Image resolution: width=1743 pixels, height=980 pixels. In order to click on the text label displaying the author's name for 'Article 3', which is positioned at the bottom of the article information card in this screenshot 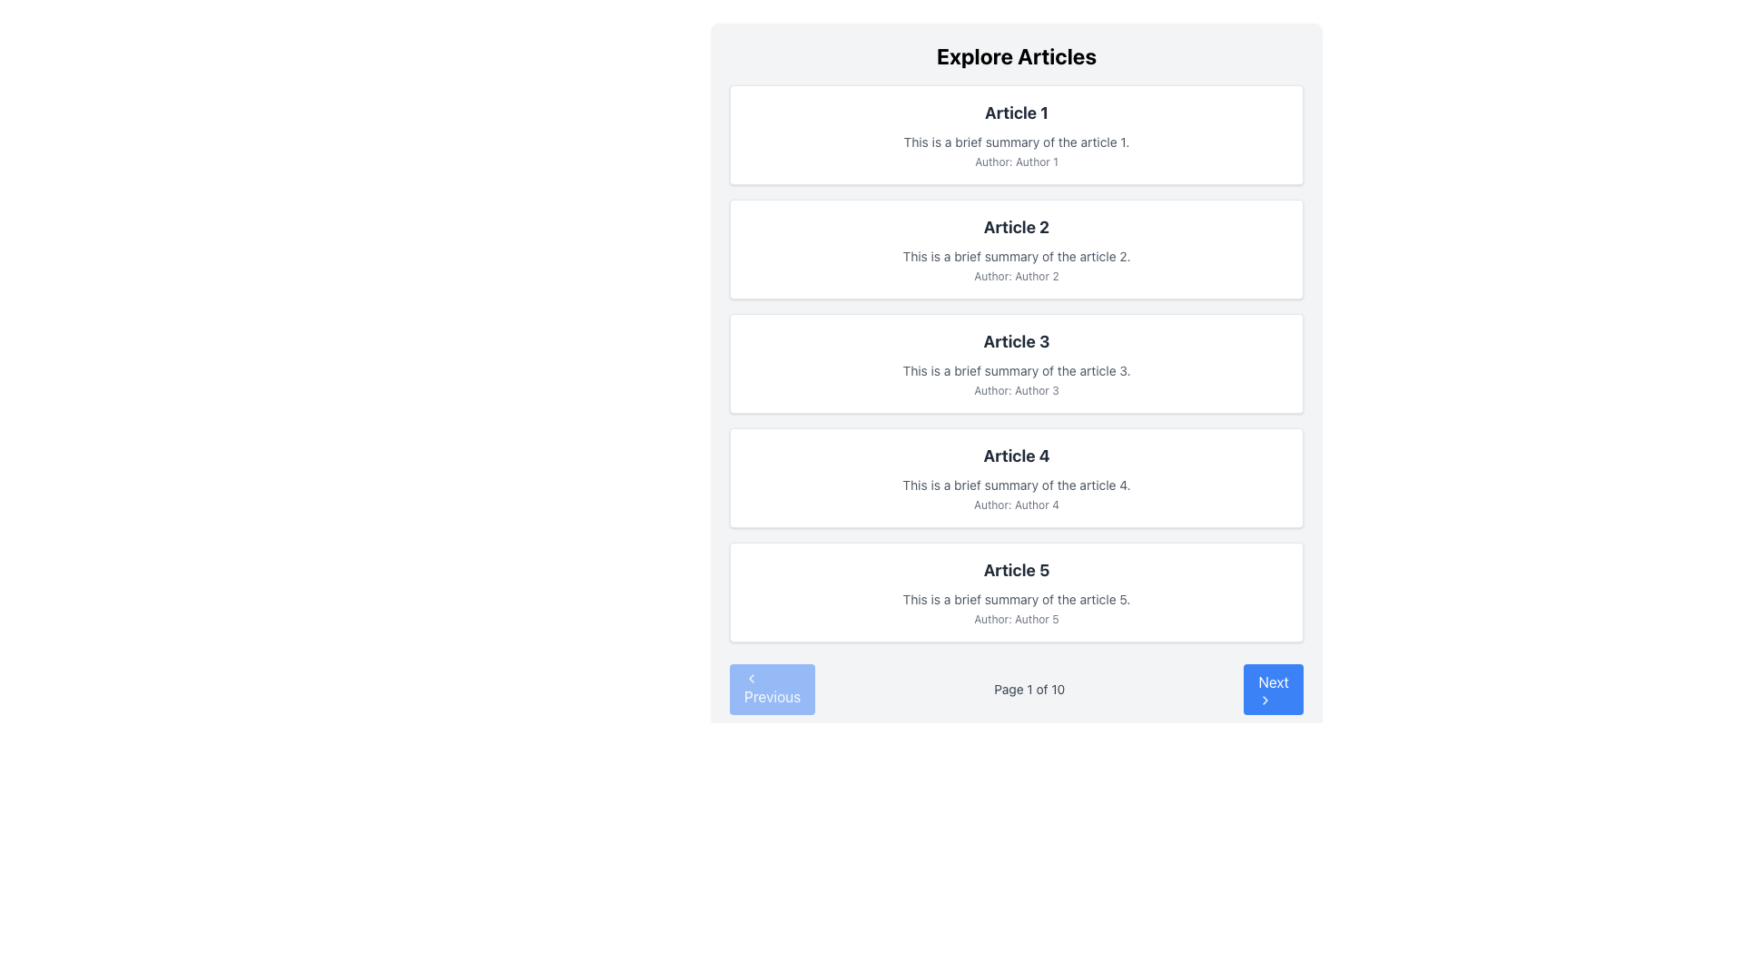, I will do `click(1015, 390)`.